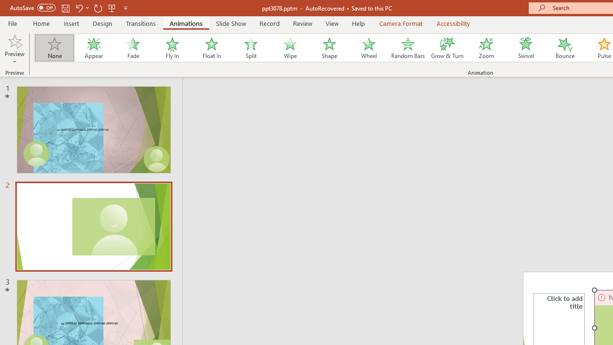  Describe the element at coordinates (289, 48) in the screenshot. I see `'Wipe'` at that location.